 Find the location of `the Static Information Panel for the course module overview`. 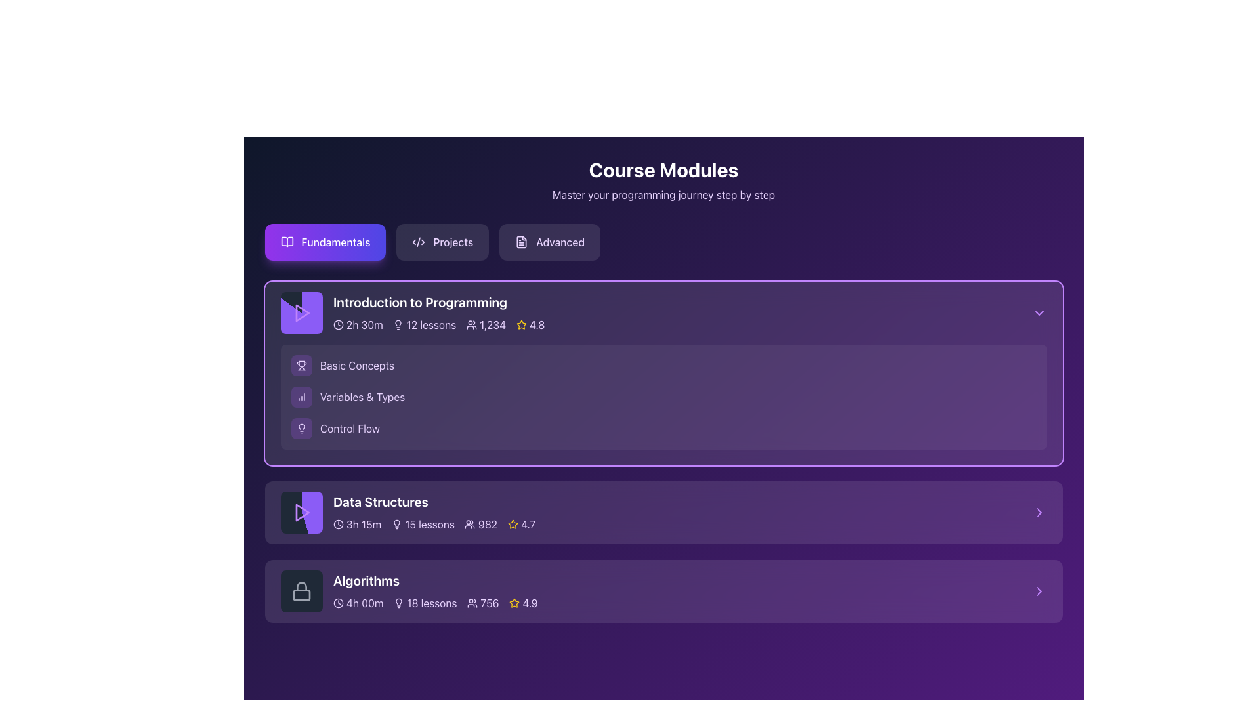

the Static Information Panel for the course module overview is located at coordinates (411, 313).